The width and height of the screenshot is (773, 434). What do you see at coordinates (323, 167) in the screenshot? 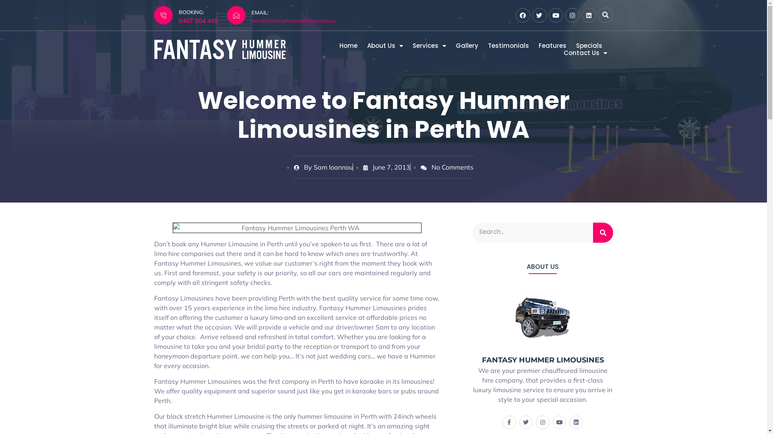
I see `'By Sam Ioannou'` at bounding box center [323, 167].